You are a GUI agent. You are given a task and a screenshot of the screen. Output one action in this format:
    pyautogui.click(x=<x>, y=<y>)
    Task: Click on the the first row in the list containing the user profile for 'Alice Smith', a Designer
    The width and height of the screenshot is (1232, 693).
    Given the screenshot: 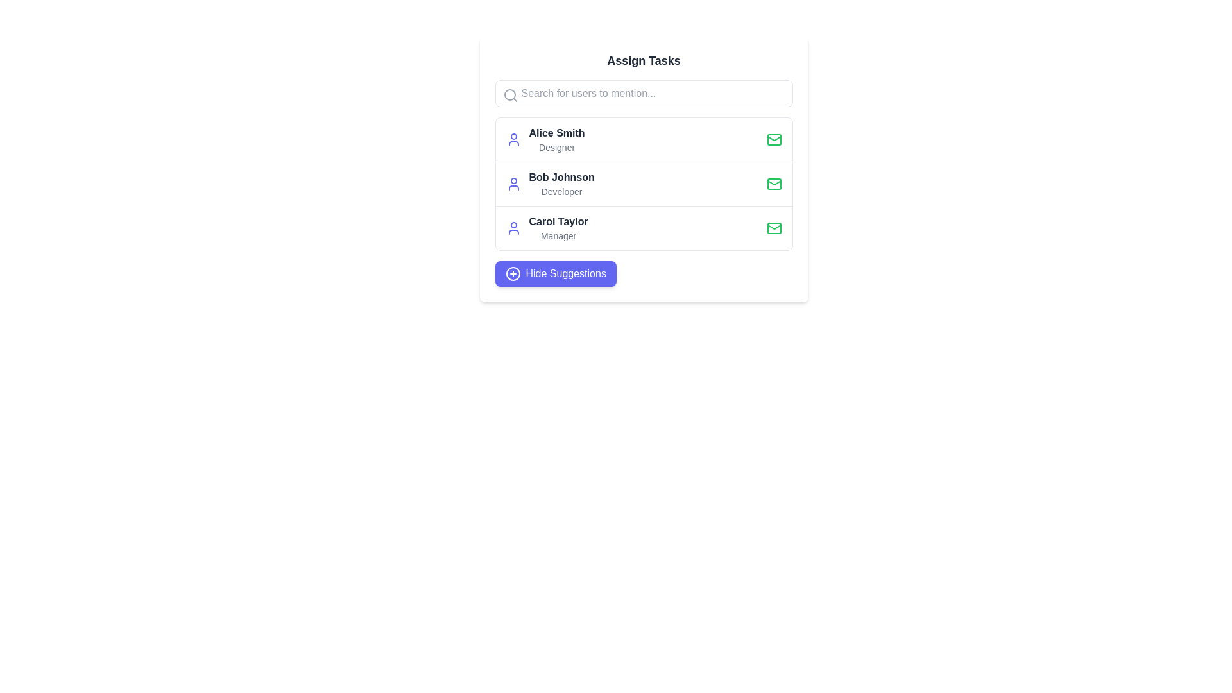 What is the action you would take?
    pyautogui.click(x=644, y=140)
    